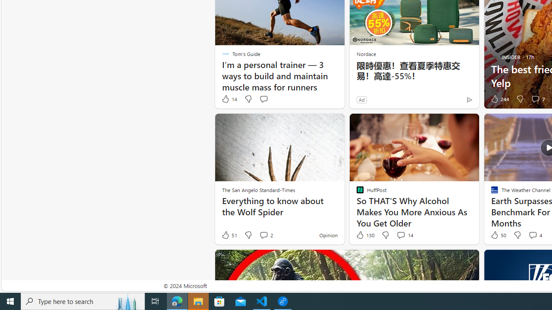 The height and width of the screenshot is (310, 552). Describe the element at coordinates (537, 99) in the screenshot. I see `'View comments 7 Comment'` at that location.